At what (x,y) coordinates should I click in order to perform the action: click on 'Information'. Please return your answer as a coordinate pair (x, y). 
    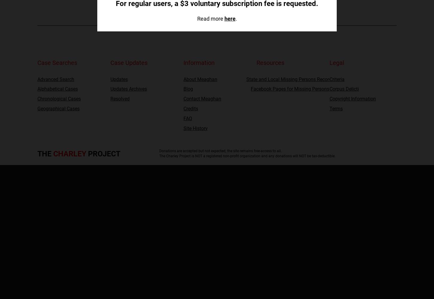
    Looking at the image, I should click on (198, 62).